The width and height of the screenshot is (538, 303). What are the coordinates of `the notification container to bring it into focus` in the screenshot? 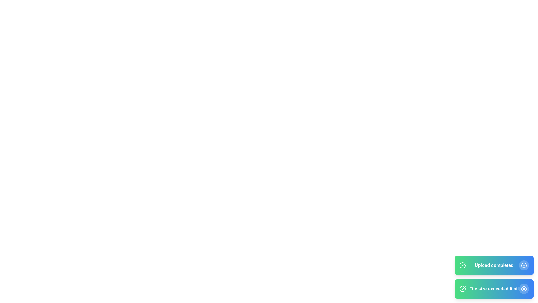 It's located at (494, 277).